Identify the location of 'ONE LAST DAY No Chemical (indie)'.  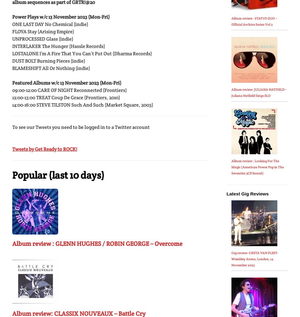
(50, 24).